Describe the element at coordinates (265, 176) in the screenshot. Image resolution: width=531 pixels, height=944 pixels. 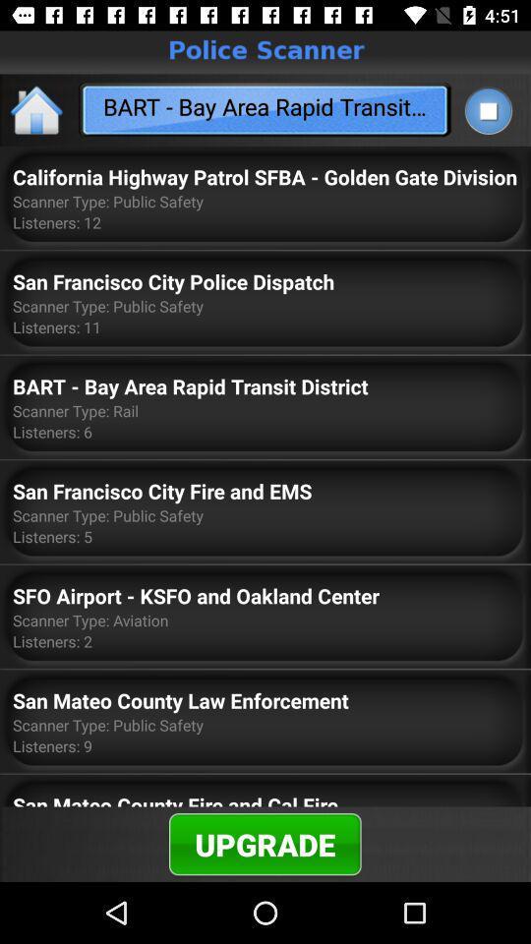
I see `the california highway patrol item` at that location.